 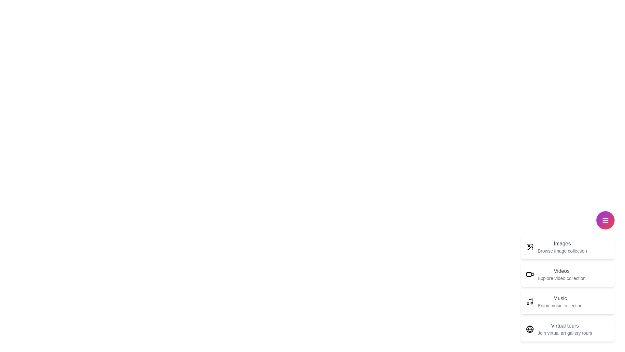 What do you see at coordinates (605, 220) in the screenshot?
I see `speed dial button to toggle the menu` at bounding box center [605, 220].